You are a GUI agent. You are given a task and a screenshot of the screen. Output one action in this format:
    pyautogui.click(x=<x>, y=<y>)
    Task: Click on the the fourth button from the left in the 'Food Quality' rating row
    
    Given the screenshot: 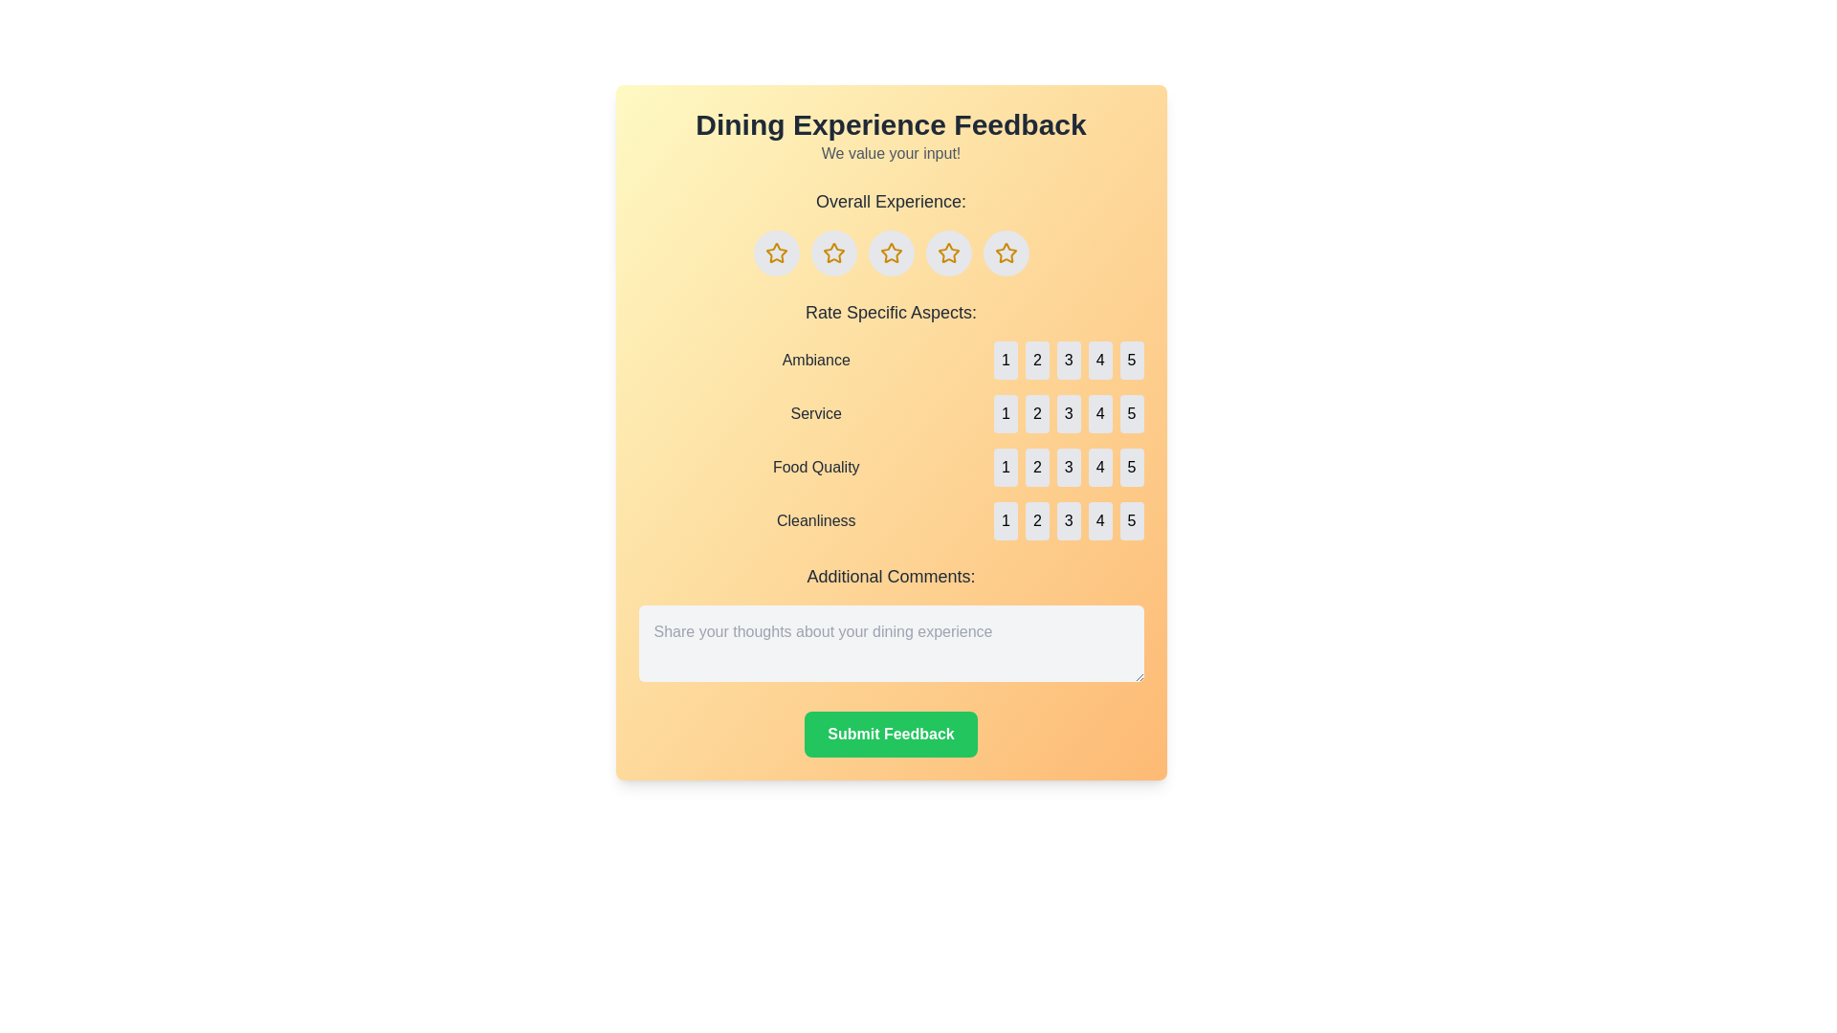 What is the action you would take?
    pyautogui.click(x=1100, y=468)
    